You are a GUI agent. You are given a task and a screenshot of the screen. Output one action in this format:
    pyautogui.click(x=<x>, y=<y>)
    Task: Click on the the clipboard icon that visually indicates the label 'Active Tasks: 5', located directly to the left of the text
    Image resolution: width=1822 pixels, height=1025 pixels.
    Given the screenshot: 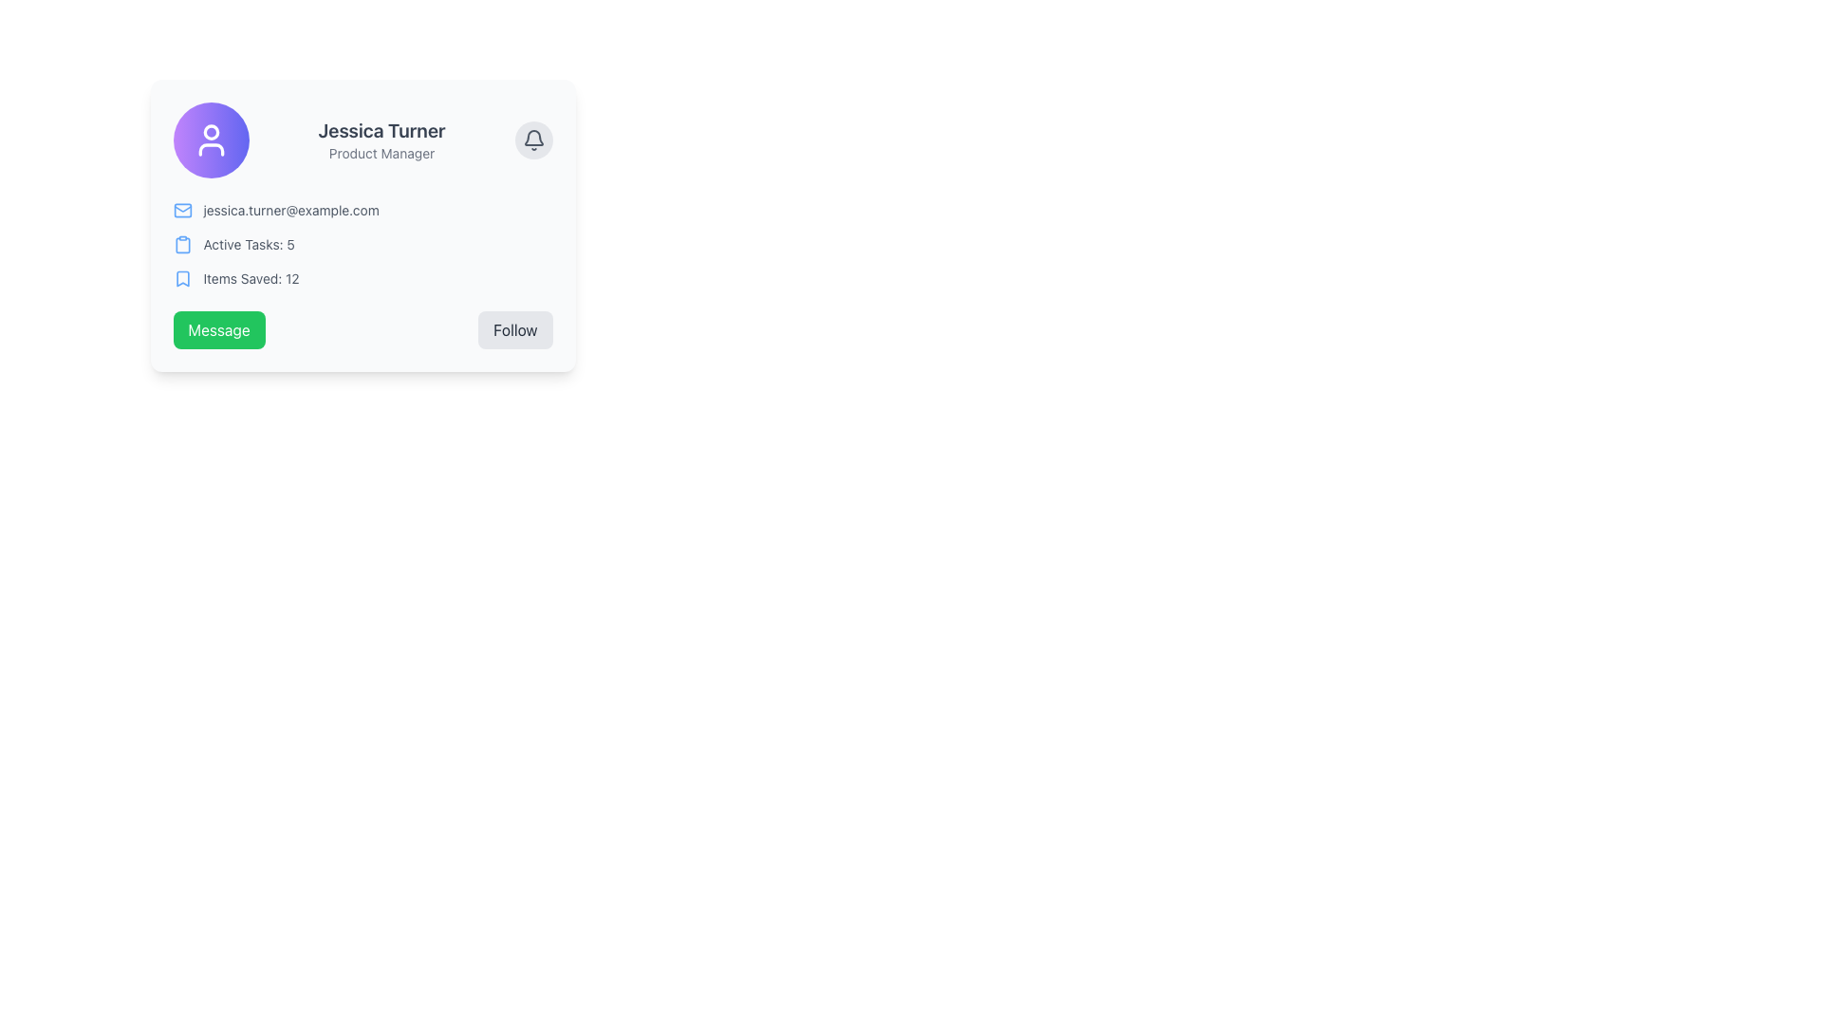 What is the action you would take?
    pyautogui.click(x=182, y=244)
    